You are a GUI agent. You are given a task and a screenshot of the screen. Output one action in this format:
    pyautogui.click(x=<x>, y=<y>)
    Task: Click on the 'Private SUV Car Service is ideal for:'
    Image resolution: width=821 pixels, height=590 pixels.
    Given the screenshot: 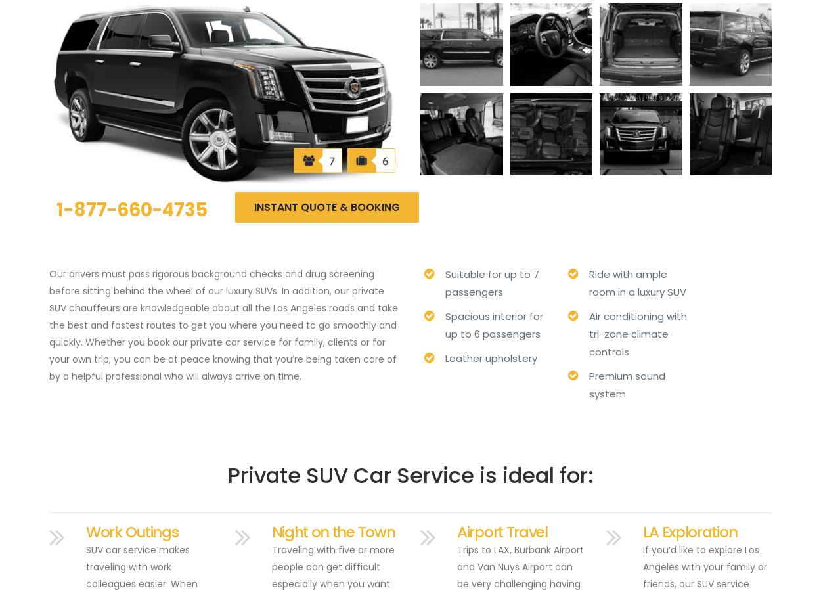 What is the action you would take?
    pyautogui.click(x=409, y=475)
    